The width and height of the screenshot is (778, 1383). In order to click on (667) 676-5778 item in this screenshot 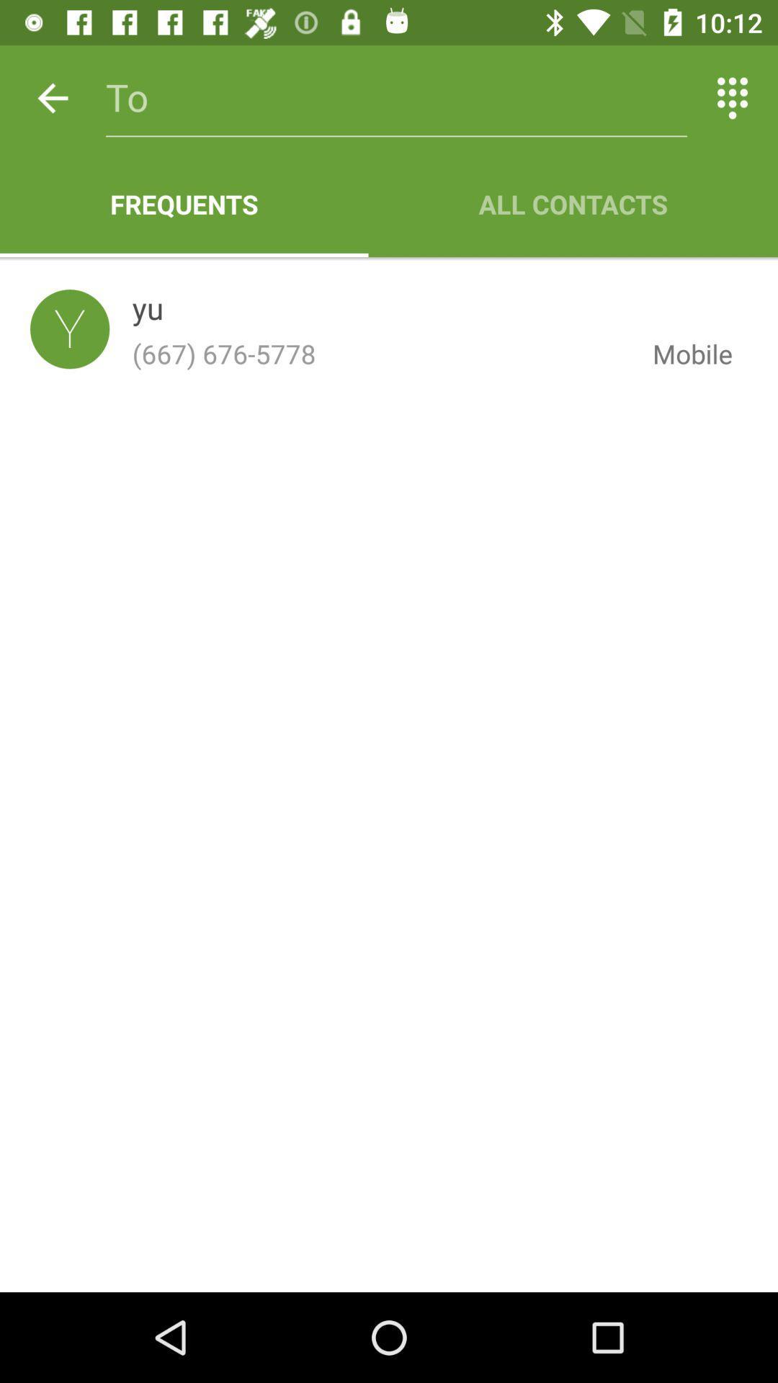, I will do `click(380, 354)`.